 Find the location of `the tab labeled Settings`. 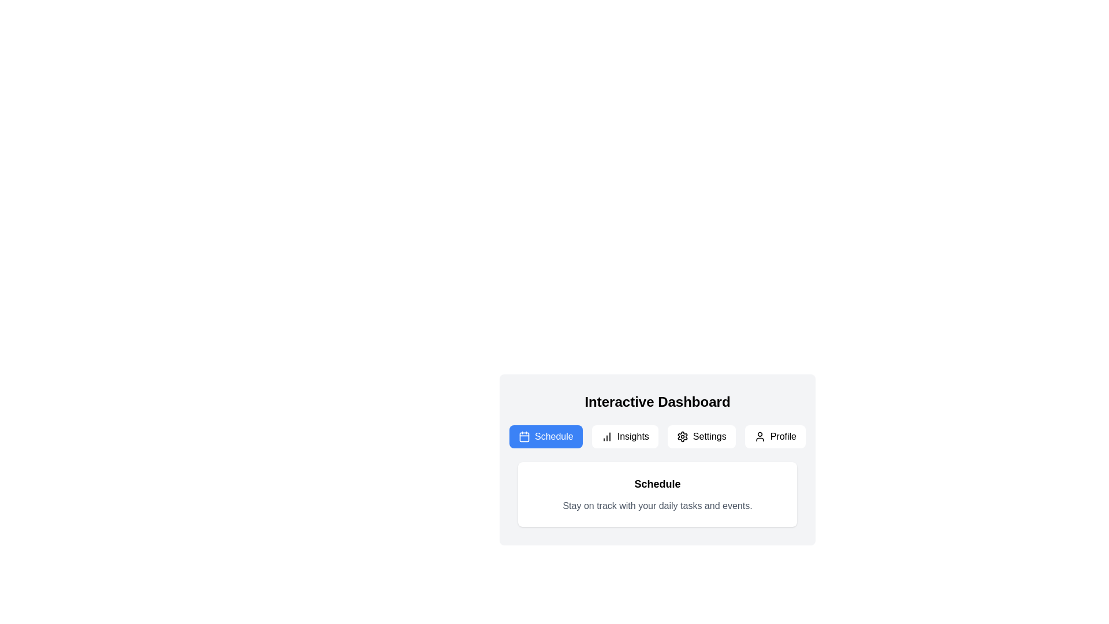

the tab labeled Settings is located at coordinates (701, 437).